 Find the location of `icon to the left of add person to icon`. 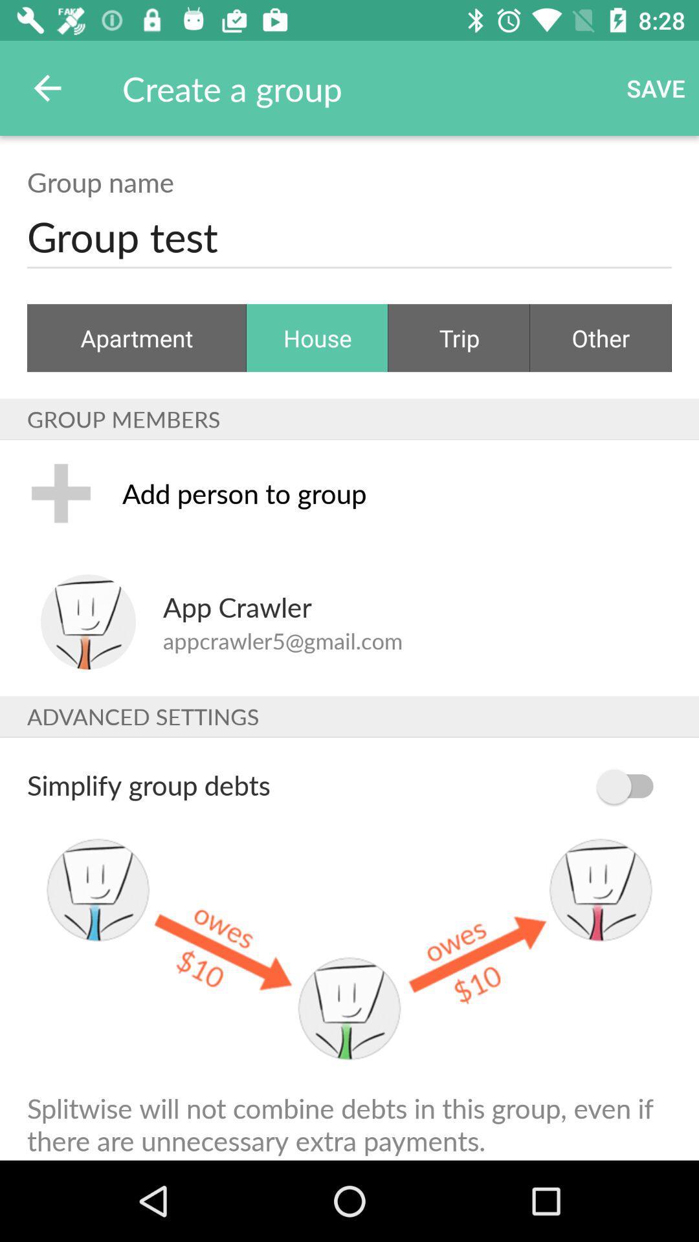

icon to the left of add person to icon is located at coordinates (61, 492).